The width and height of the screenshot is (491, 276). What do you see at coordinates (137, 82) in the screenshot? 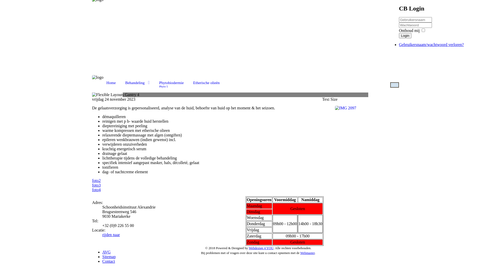
I see `'Behandeling'` at bounding box center [137, 82].